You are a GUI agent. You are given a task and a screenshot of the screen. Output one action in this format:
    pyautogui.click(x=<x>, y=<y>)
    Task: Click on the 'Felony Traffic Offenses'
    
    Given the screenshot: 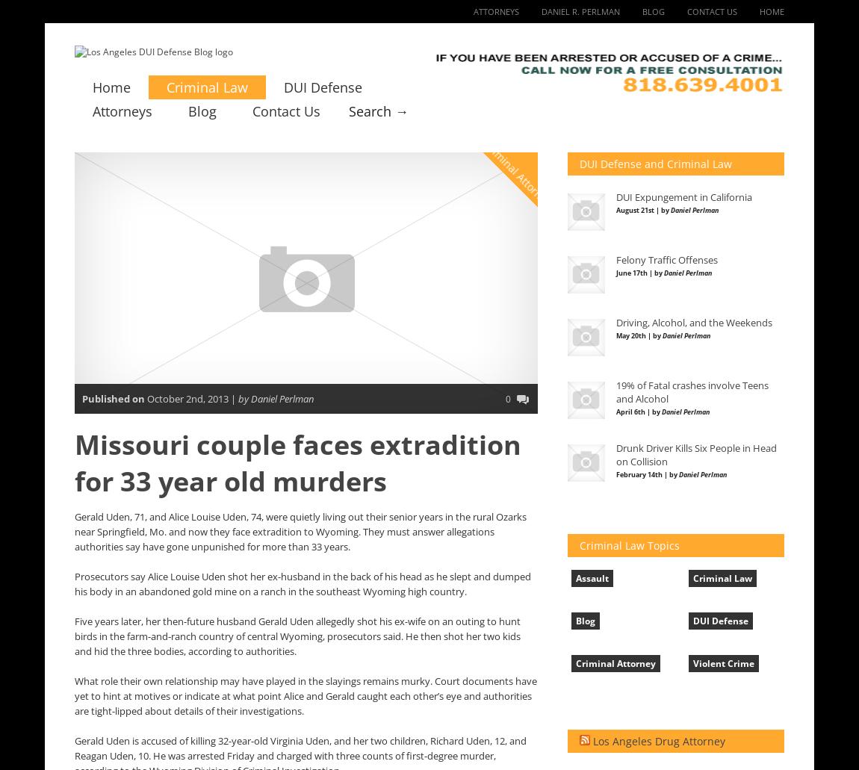 What is the action you would take?
    pyautogui.click(x=666, y=258)
    